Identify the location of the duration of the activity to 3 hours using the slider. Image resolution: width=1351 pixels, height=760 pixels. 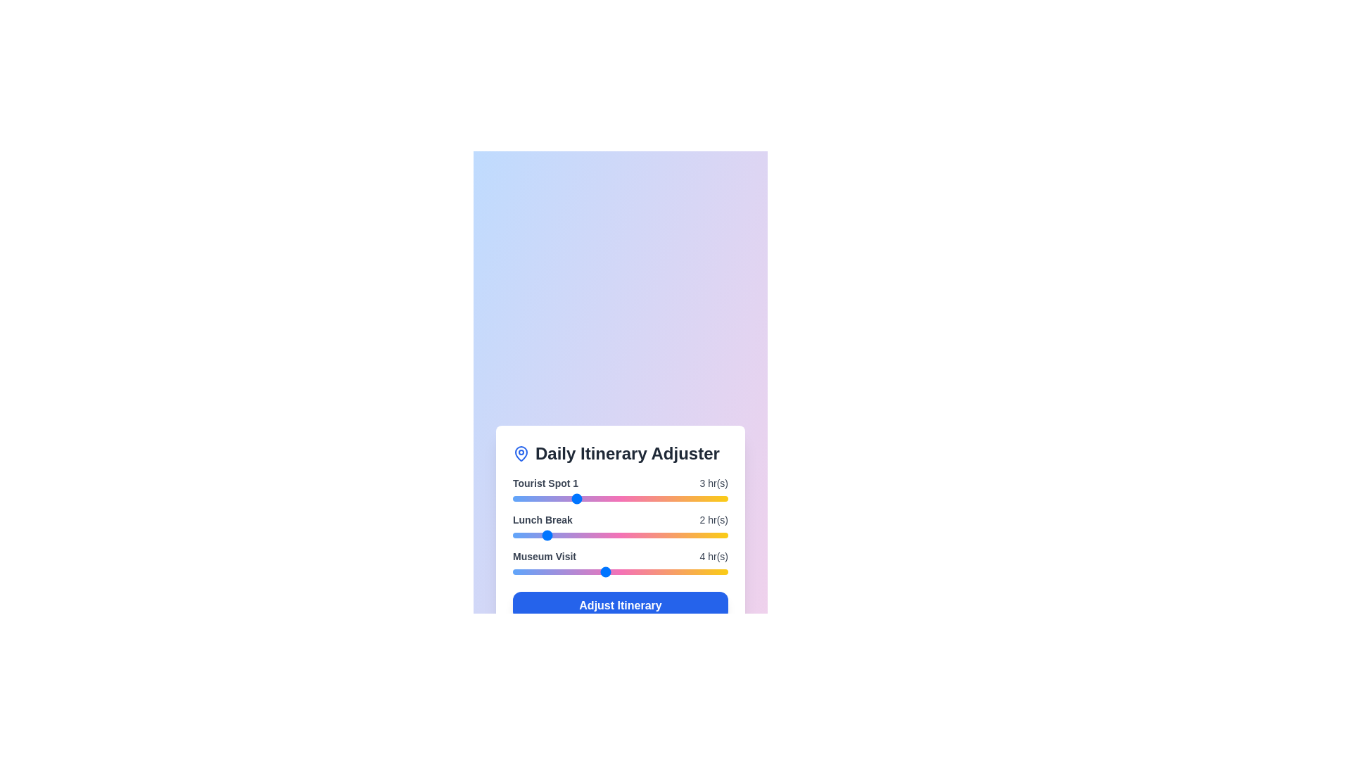
(574, 498).